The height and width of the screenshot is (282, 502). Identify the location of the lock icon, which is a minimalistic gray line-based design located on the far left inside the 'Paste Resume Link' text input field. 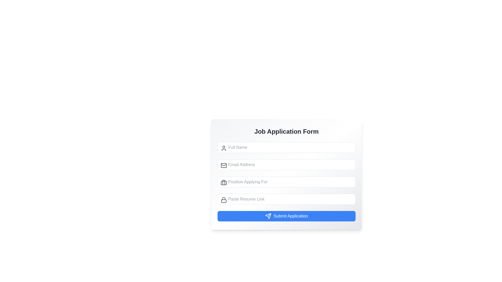
(224, 200).